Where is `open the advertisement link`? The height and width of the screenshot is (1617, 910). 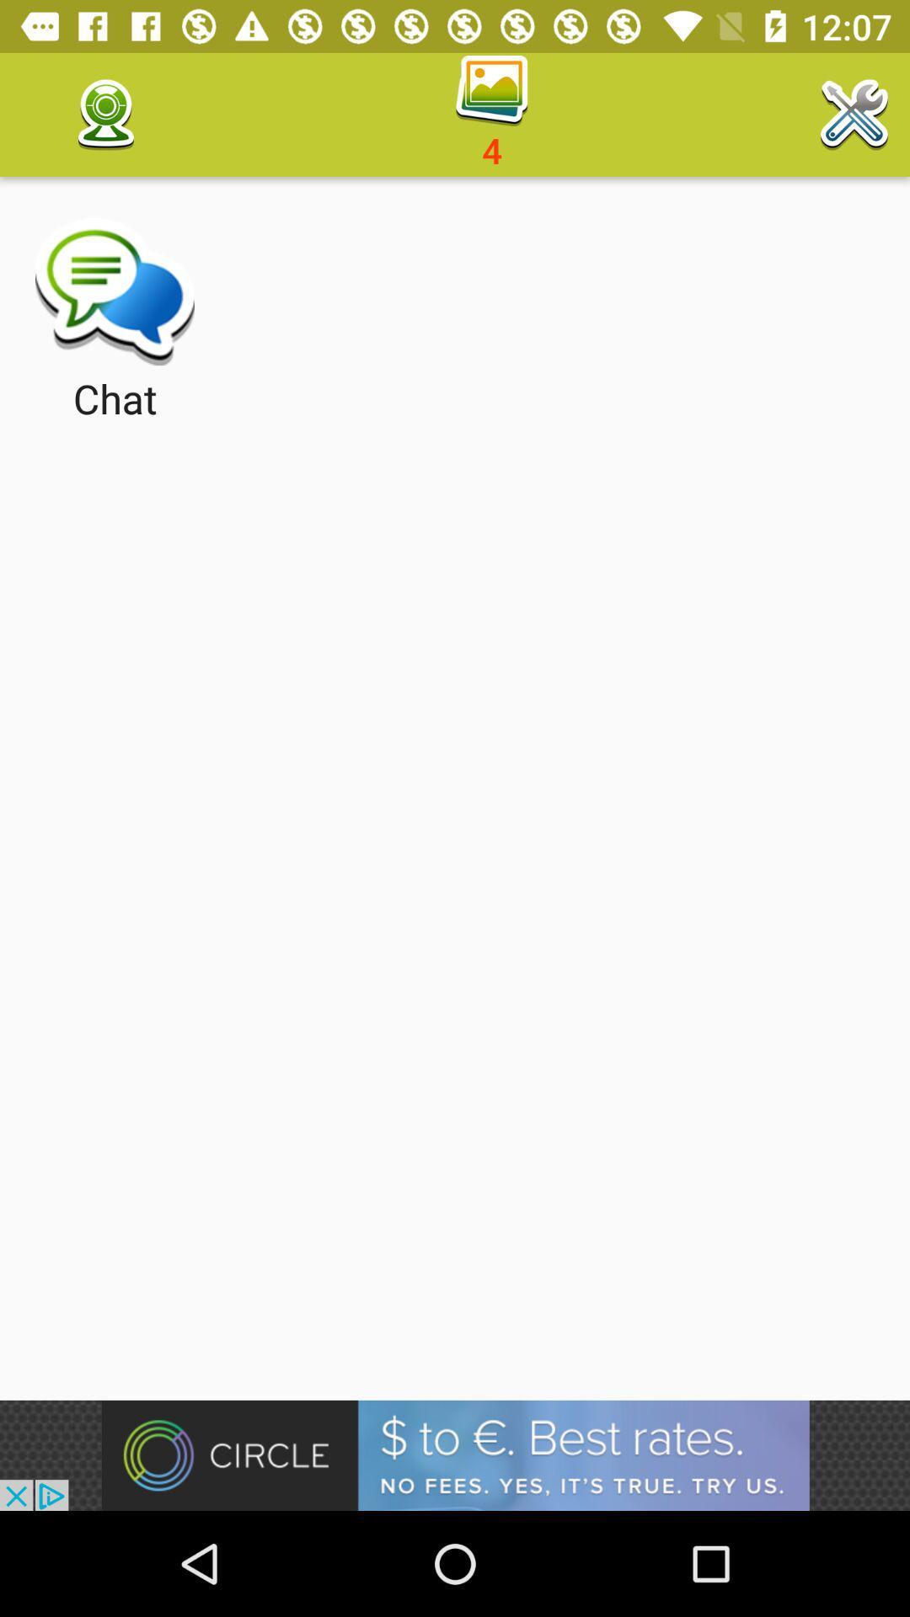
open the advertisement link is located at coordinates (455, 1454).